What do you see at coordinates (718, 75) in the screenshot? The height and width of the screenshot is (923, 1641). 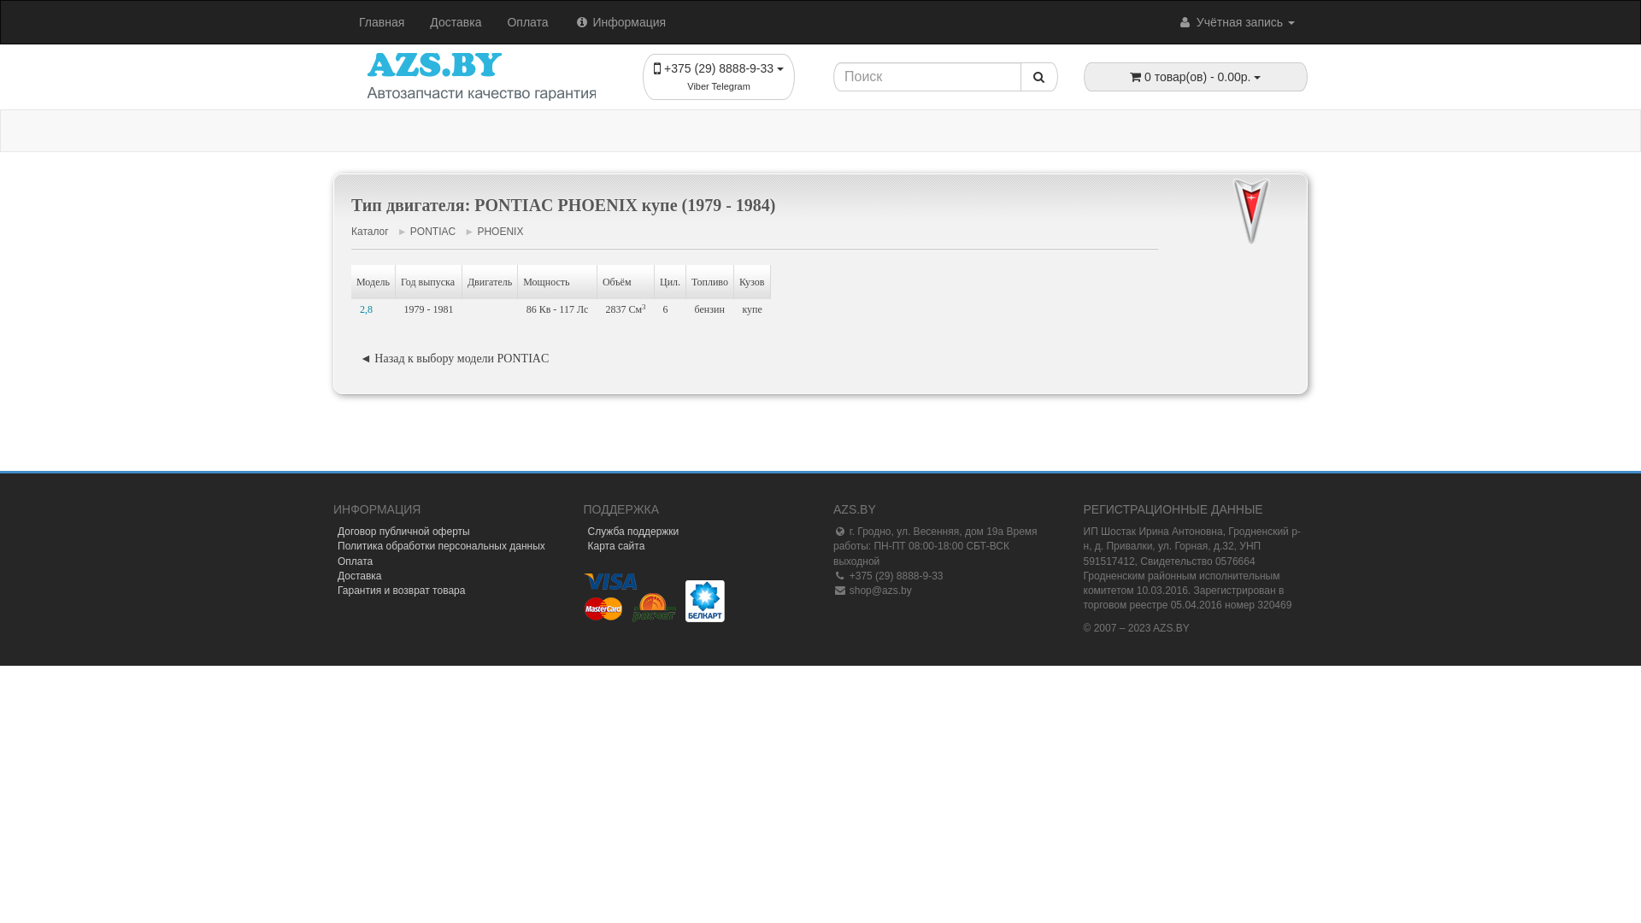 I see `'+375 (29) 8888-9-33` at bounding box center [718, 75].